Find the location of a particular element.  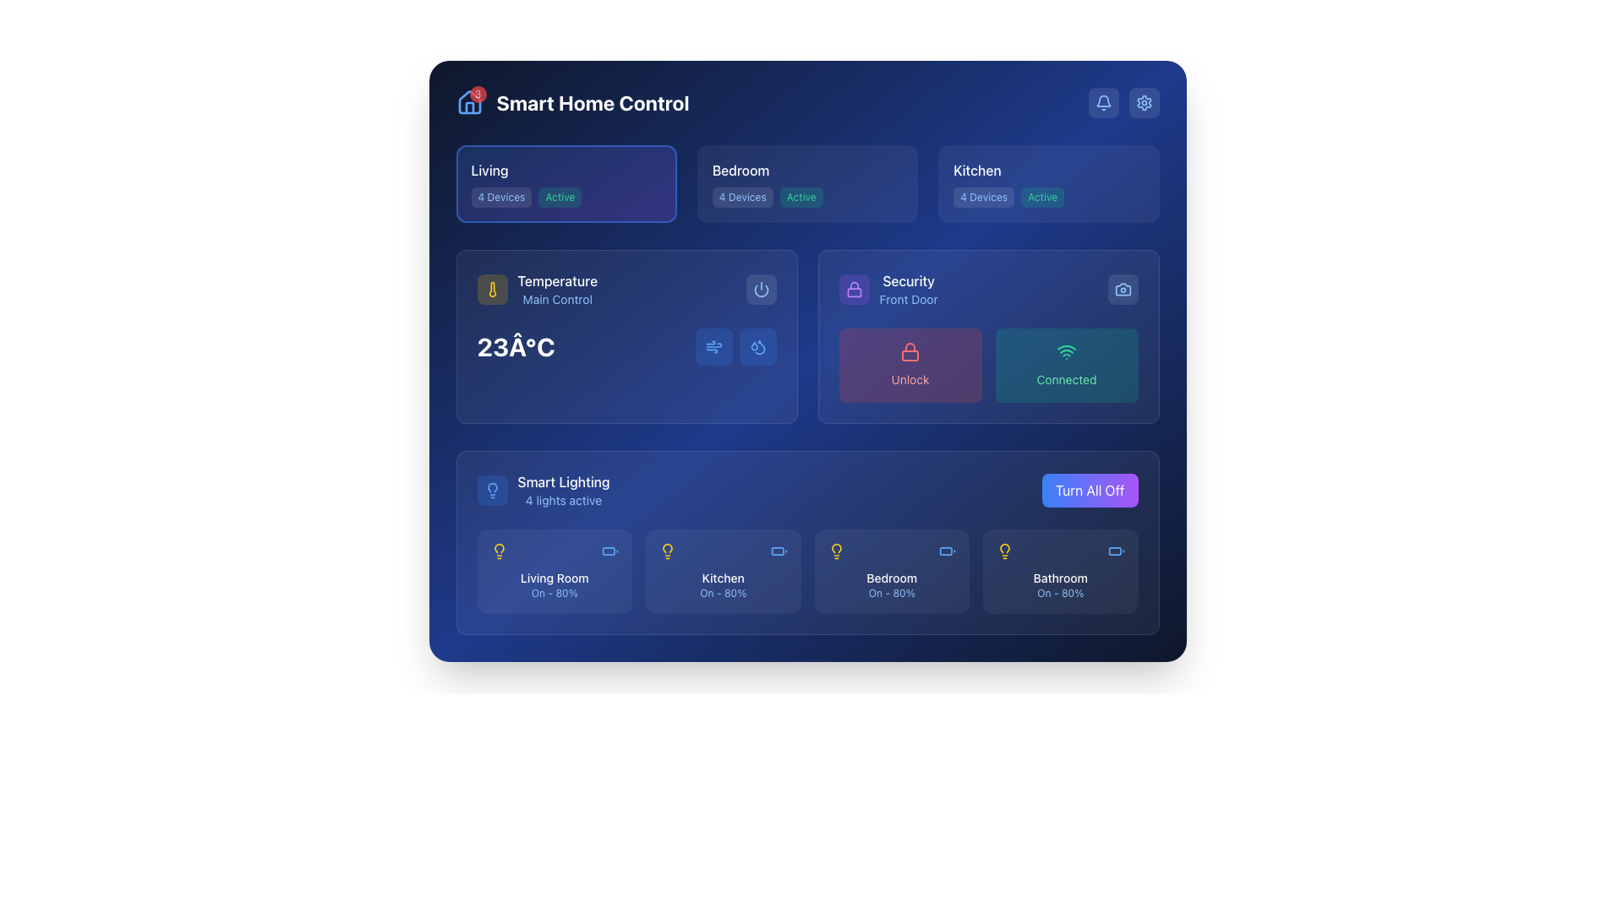

details of the Informational label with status indicators, which includes the texts '4 Devices' in light blue and 'Active' in green, located under the heading 'Bedroom' is located at coordinates (806, 197).